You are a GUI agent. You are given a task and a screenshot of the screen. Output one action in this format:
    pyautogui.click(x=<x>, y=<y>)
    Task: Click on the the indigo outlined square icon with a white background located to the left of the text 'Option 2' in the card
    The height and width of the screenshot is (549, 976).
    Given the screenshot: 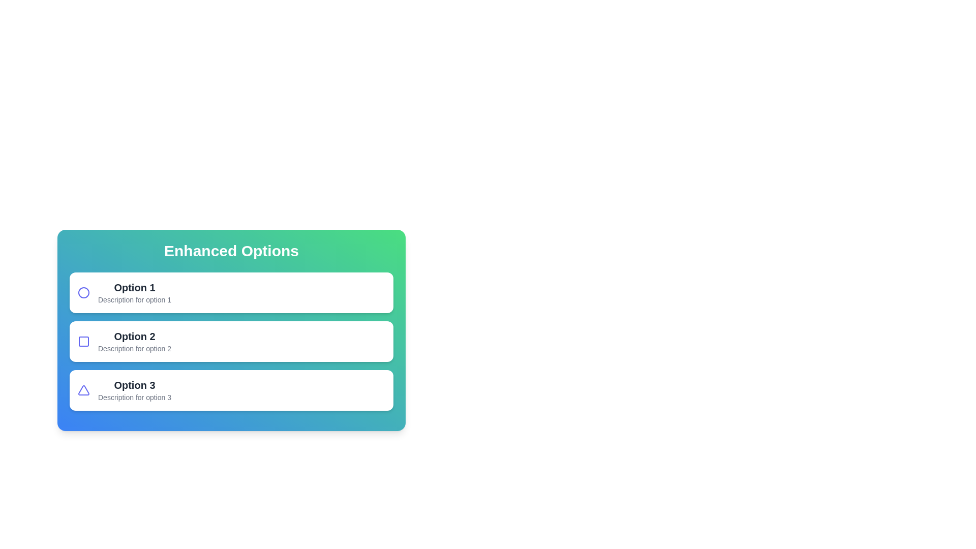 What is the action you would take?
    pyautogui.click(x=83, y=341)
    